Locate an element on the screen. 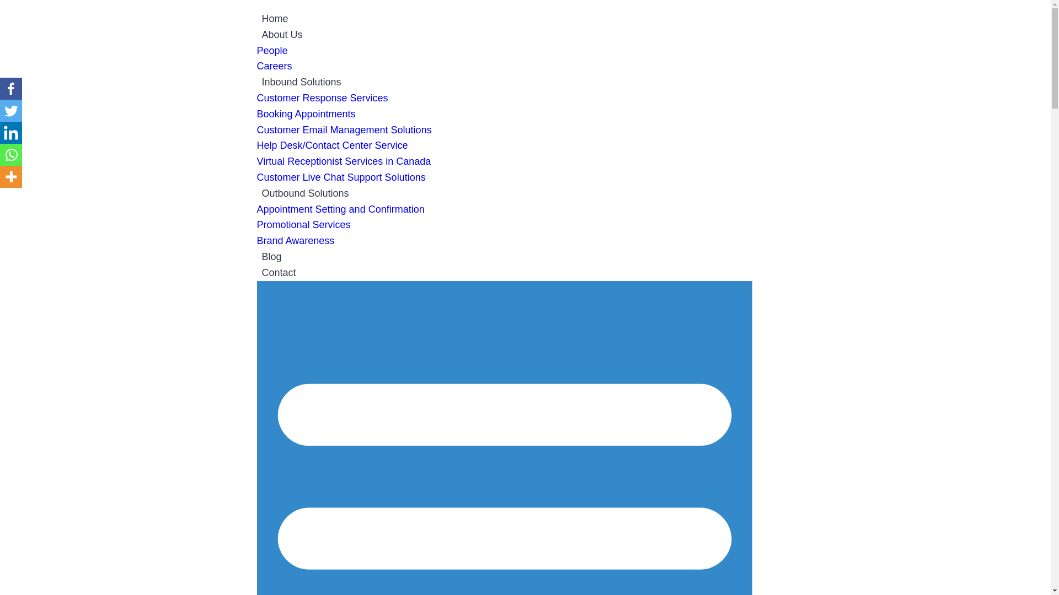  'Appointment Setting and Confirmation' is located at coordinates (340, 209).